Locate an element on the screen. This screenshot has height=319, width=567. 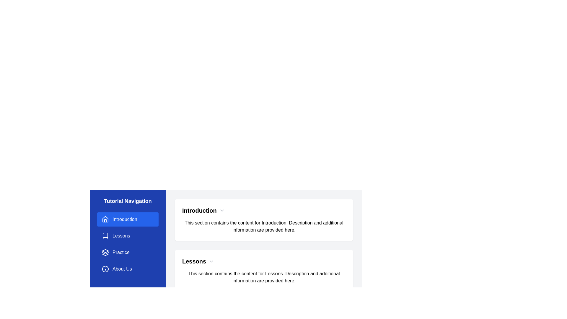
the navigation button labeled 'Introduction' with a blue background and white text to trigger hover effects is located at coordinates (127, 219).